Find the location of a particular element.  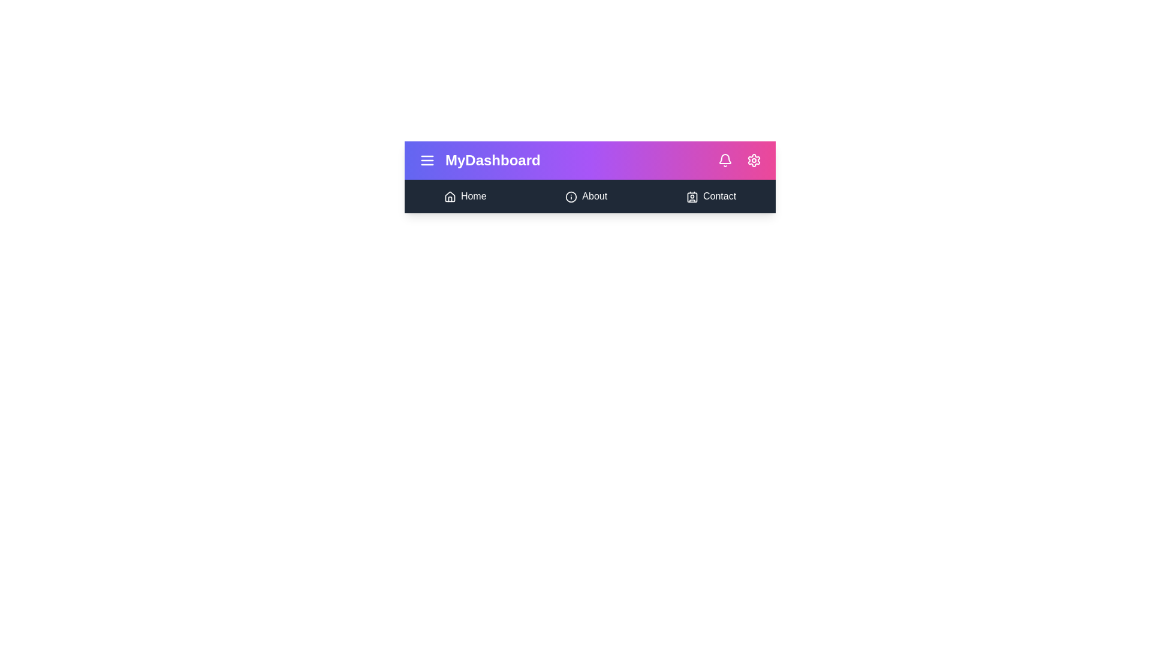

the notification bell icon is located at coordinates (724, 159).